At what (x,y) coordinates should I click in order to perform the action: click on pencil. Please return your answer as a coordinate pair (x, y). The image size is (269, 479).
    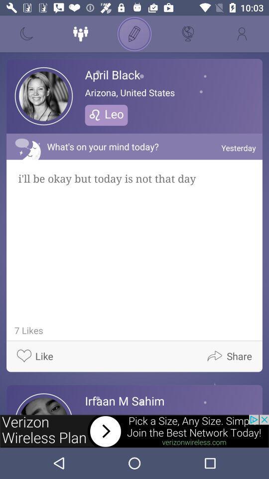
    Looking at the image, I should click on (134, 34).